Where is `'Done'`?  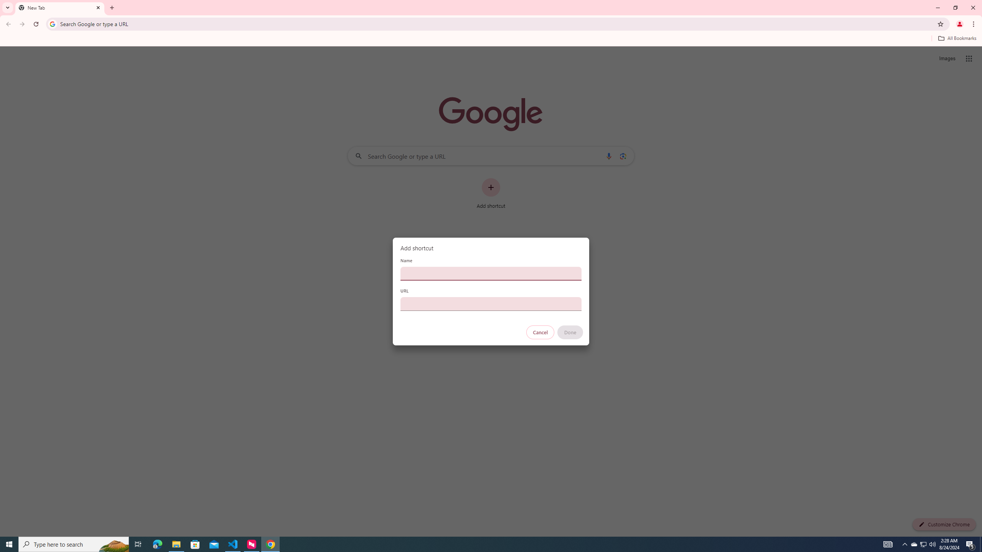
'Done' is located at coordinates (570, 332).